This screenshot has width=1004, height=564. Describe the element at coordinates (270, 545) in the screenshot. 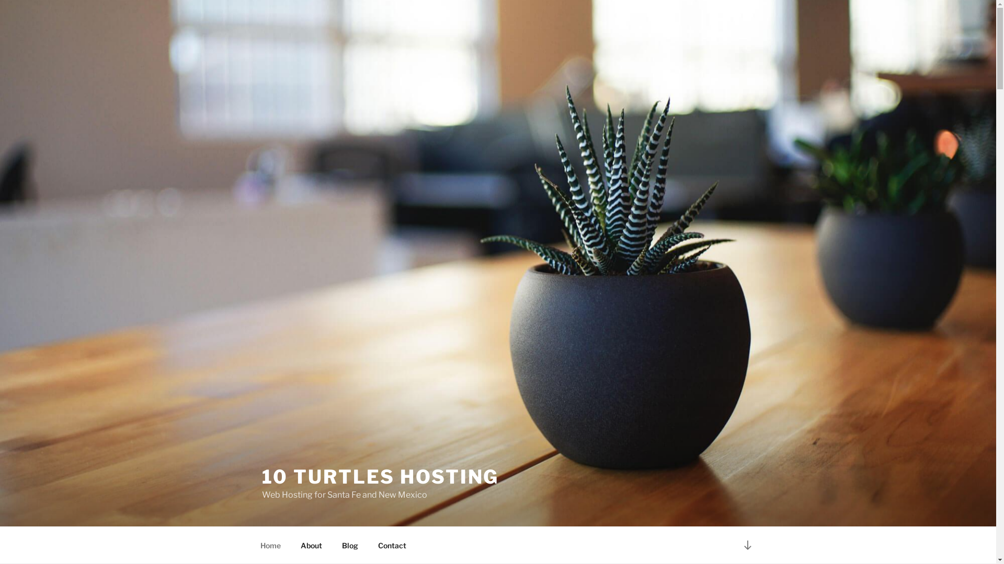

I see `'Home'` at that location.